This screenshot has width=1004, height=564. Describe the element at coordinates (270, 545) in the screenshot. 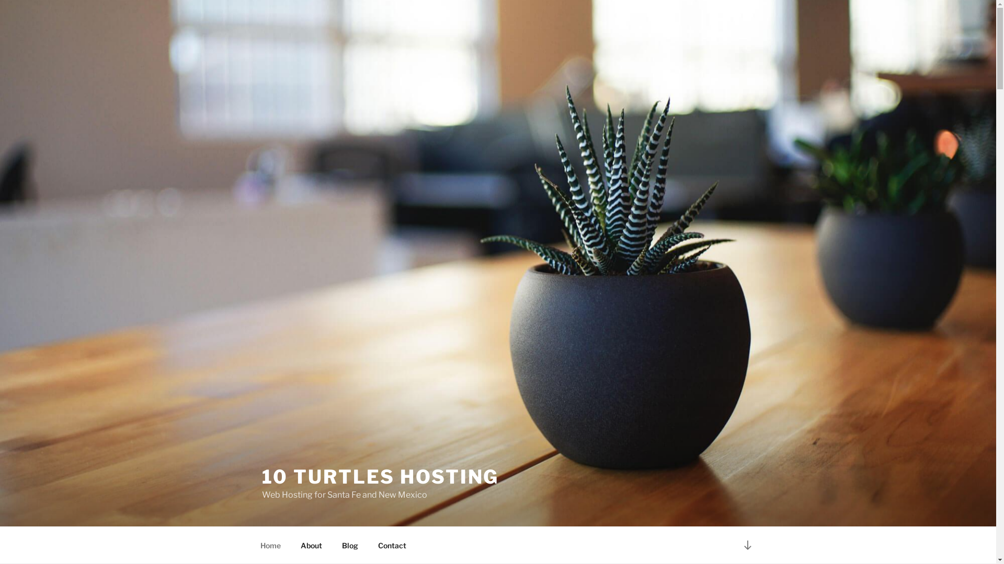

I see `'Home'` at that location.